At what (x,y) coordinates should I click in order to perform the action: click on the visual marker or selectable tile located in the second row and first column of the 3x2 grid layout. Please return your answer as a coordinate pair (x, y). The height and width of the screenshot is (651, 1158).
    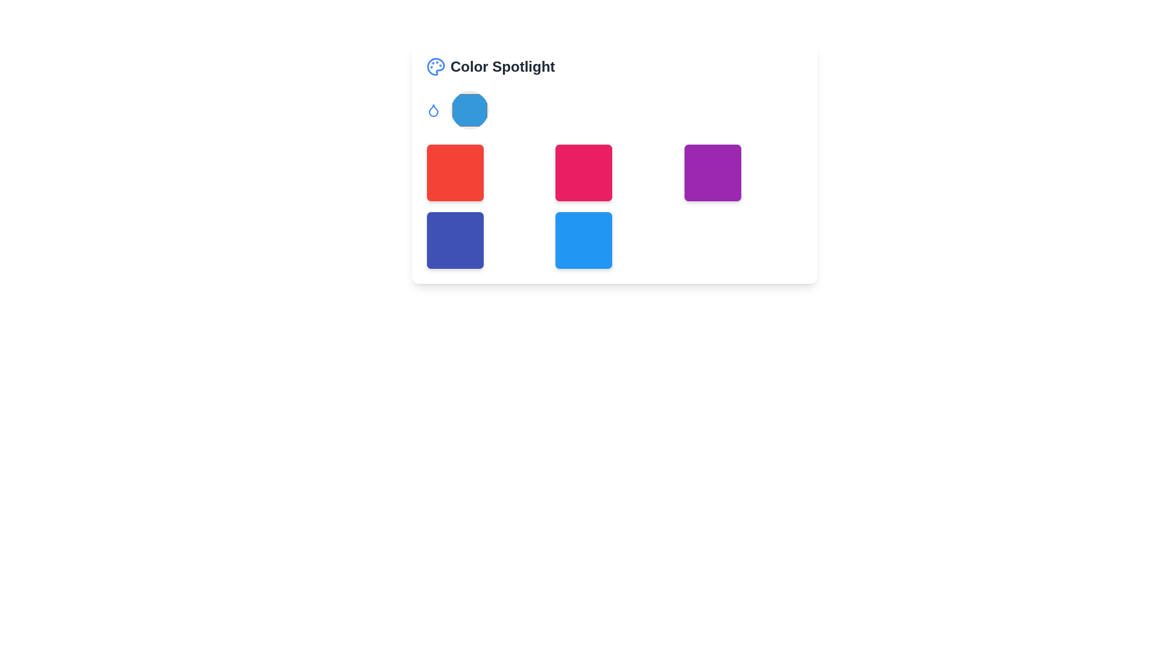
    Looking at the image, I should click on (454, 240).